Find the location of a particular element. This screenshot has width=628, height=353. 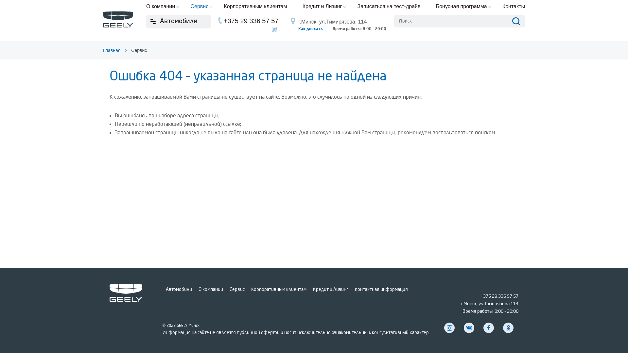

'+375 29 336 57 57' is located at coordinates (251, 21).